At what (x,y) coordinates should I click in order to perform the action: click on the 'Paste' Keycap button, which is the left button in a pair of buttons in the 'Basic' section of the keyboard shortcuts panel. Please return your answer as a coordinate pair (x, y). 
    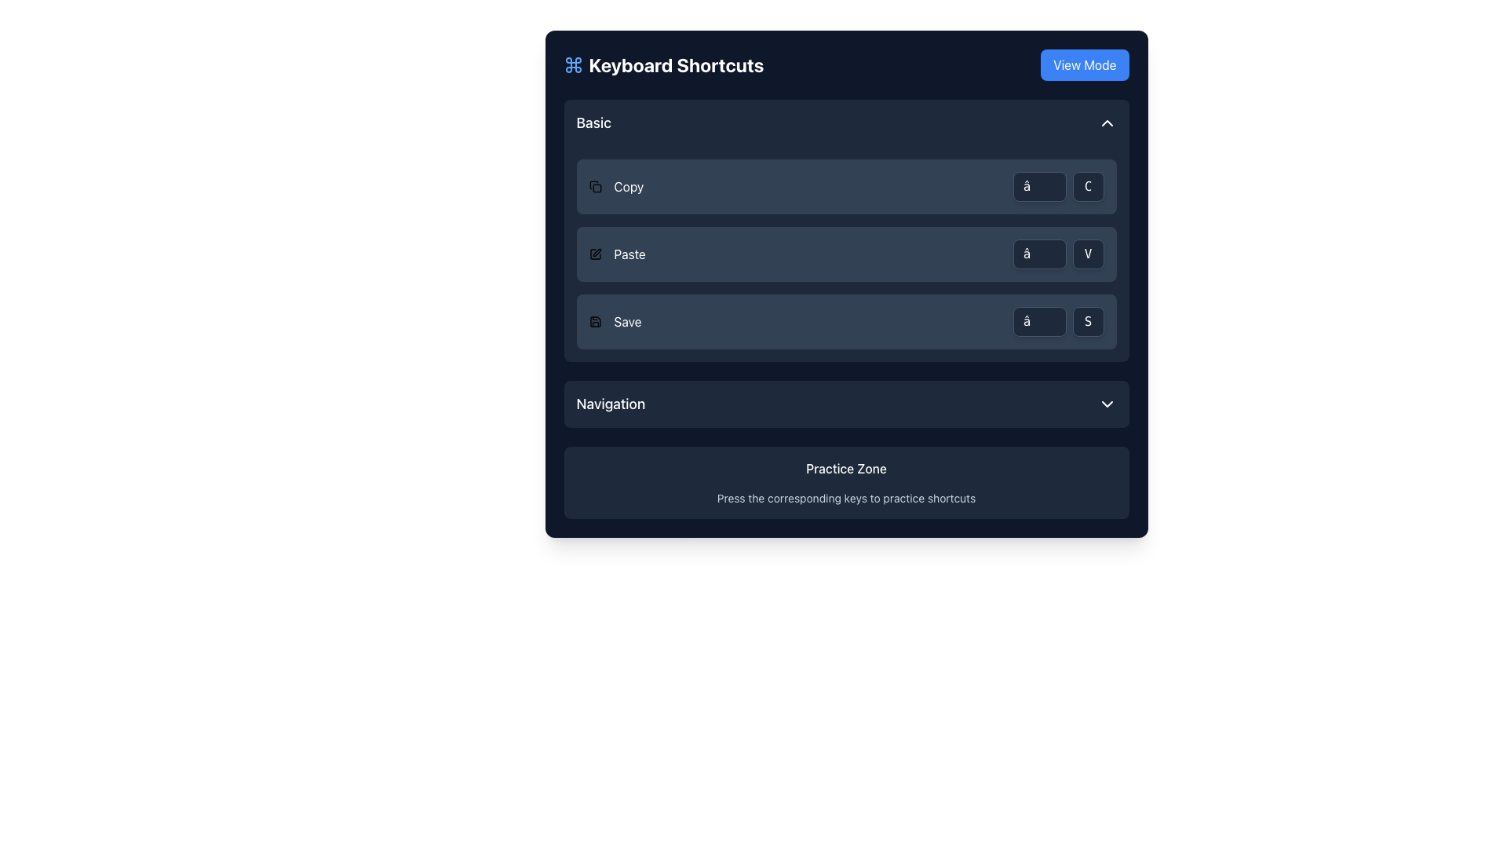
    Looking at the image, I should click on (1039, 254).